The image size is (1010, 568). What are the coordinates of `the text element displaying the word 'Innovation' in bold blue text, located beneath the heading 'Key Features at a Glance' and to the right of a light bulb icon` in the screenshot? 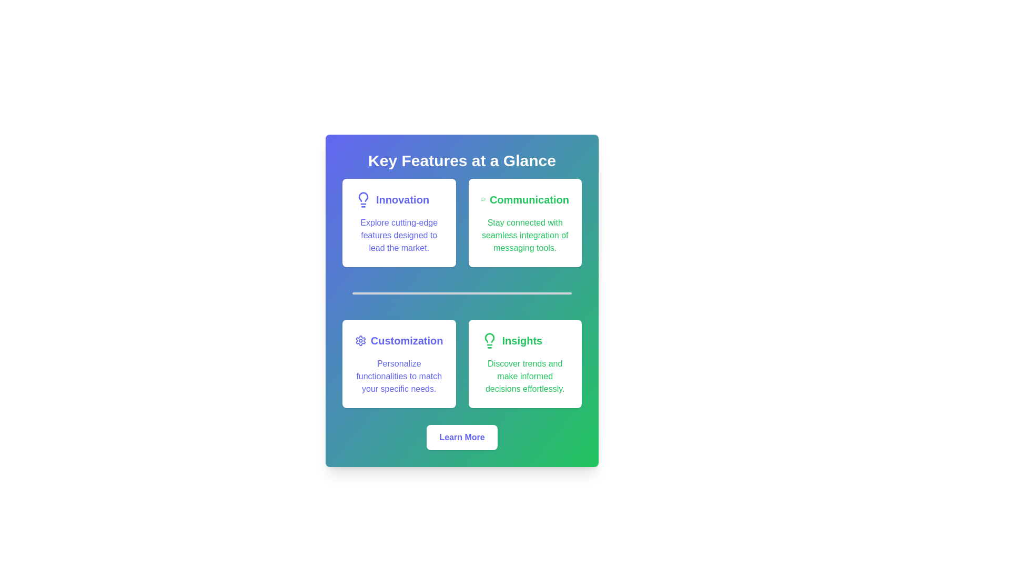 It's located at (402, 200).